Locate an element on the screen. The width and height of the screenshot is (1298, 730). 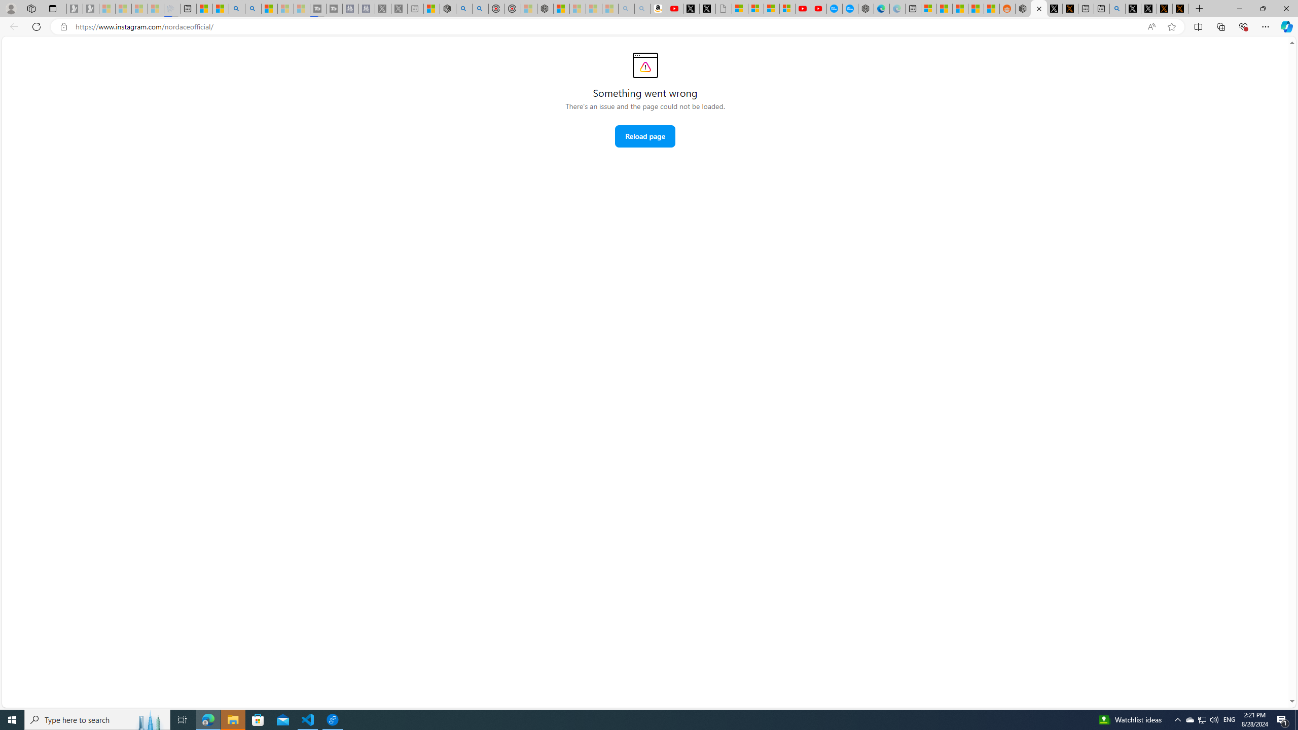
'Reload page' is located at coordinates (644, 136).